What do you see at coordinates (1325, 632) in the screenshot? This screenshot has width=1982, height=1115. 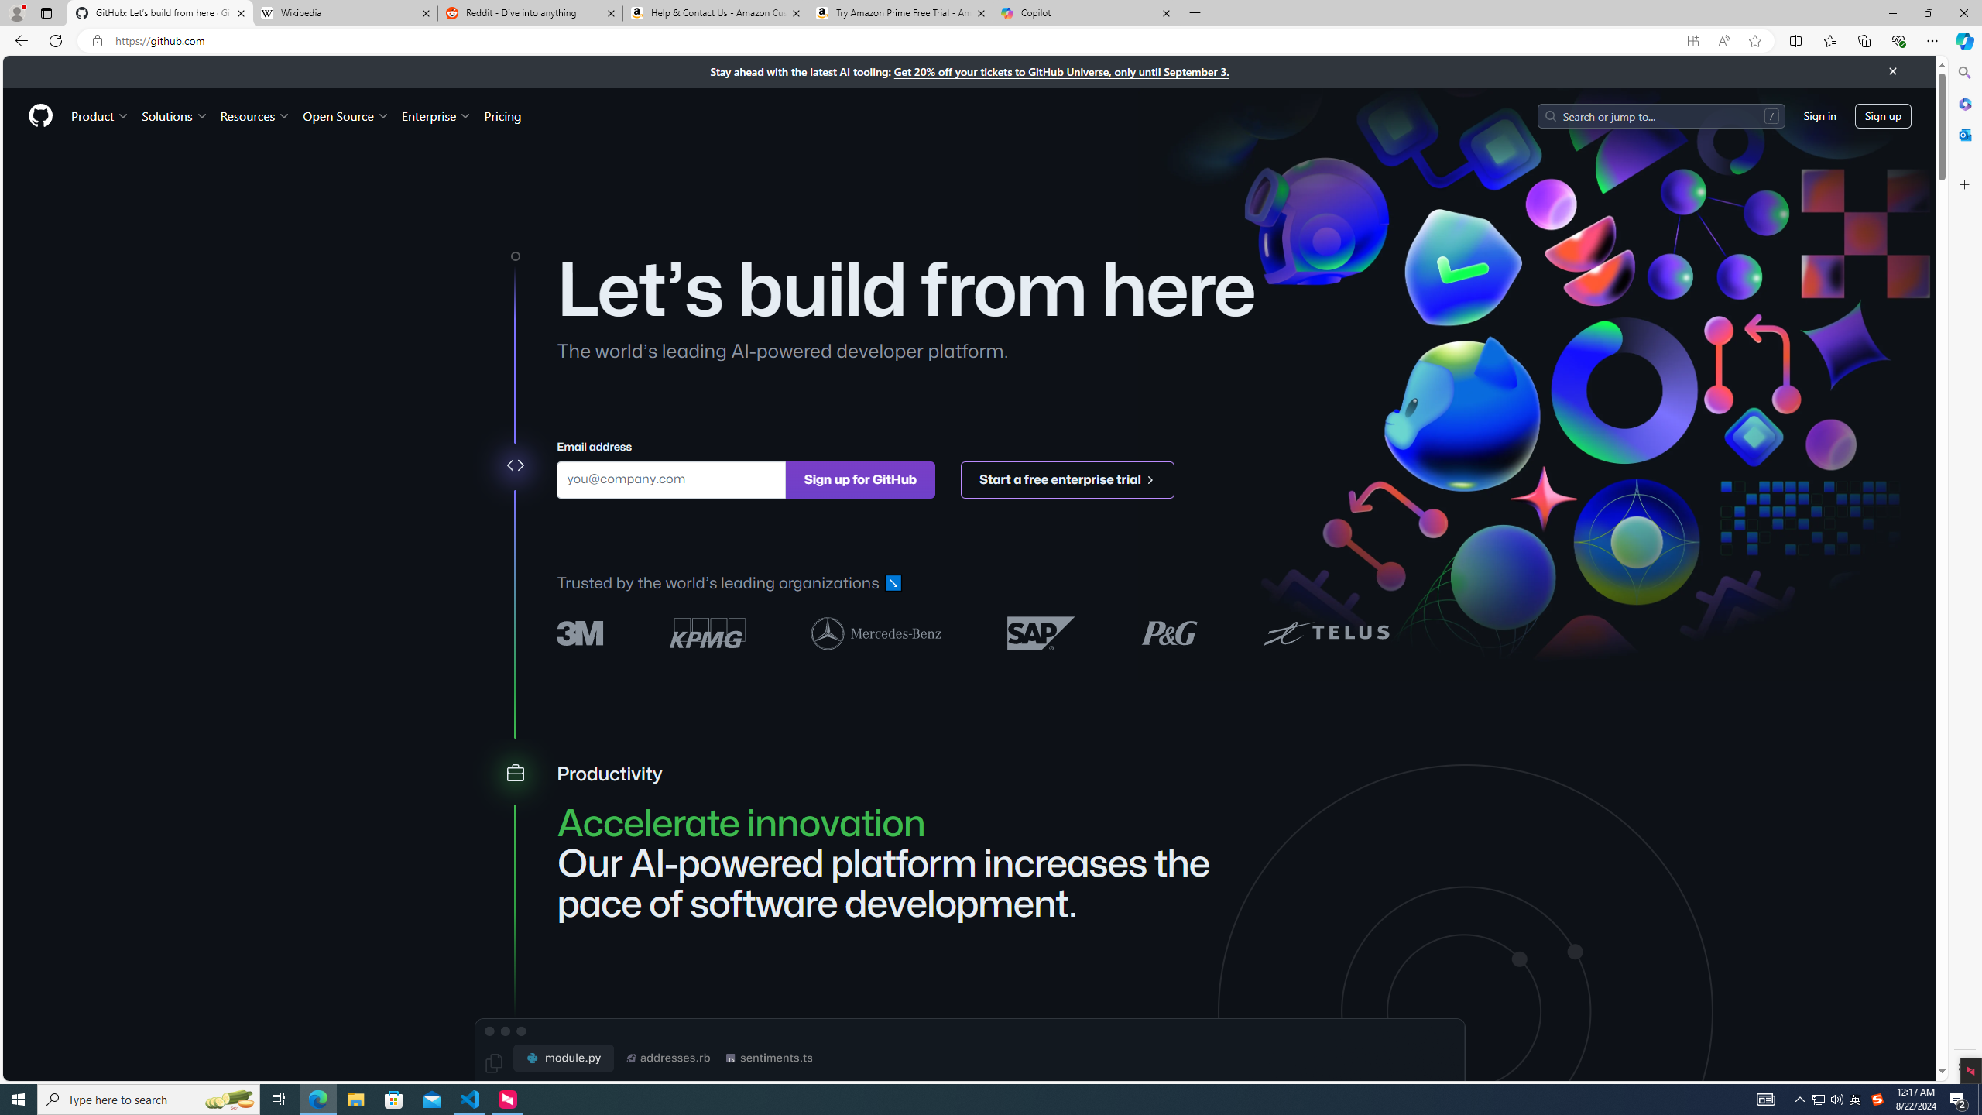 I see `'Telus logo'` at bounding box center [1325, 632].